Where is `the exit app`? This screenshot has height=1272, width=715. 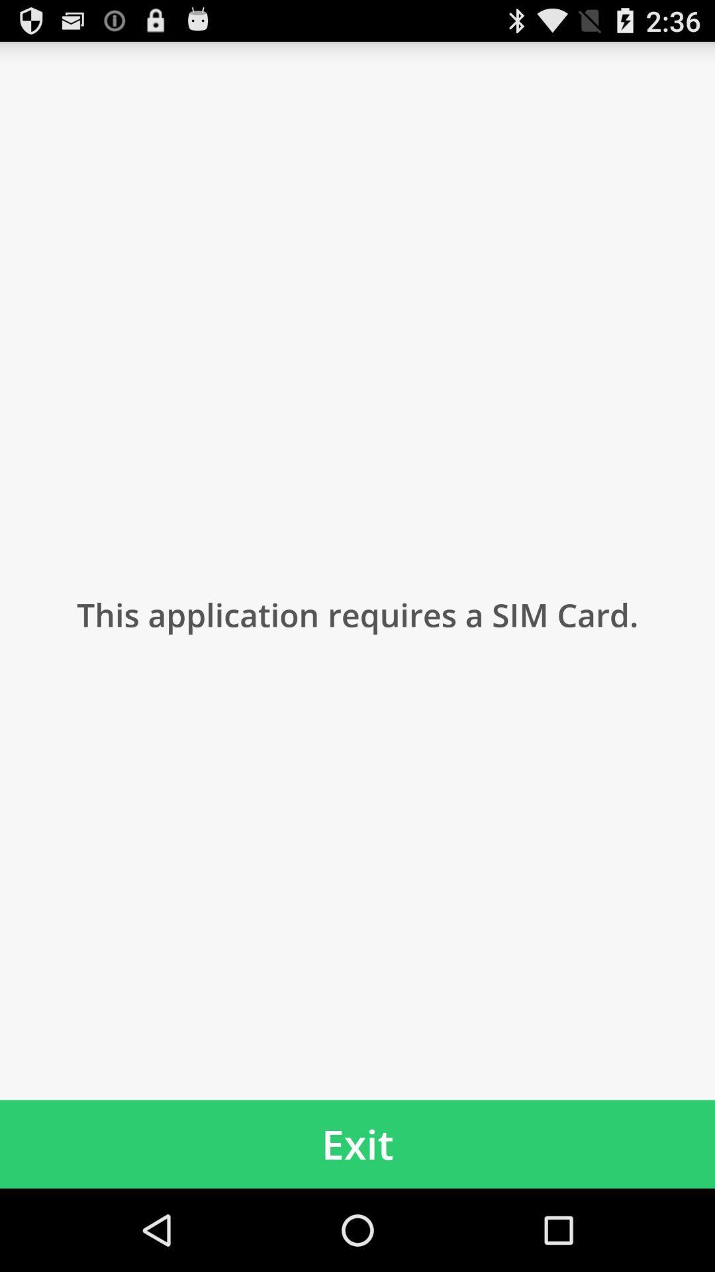 the exit app is located at coordinates (358, 1143).